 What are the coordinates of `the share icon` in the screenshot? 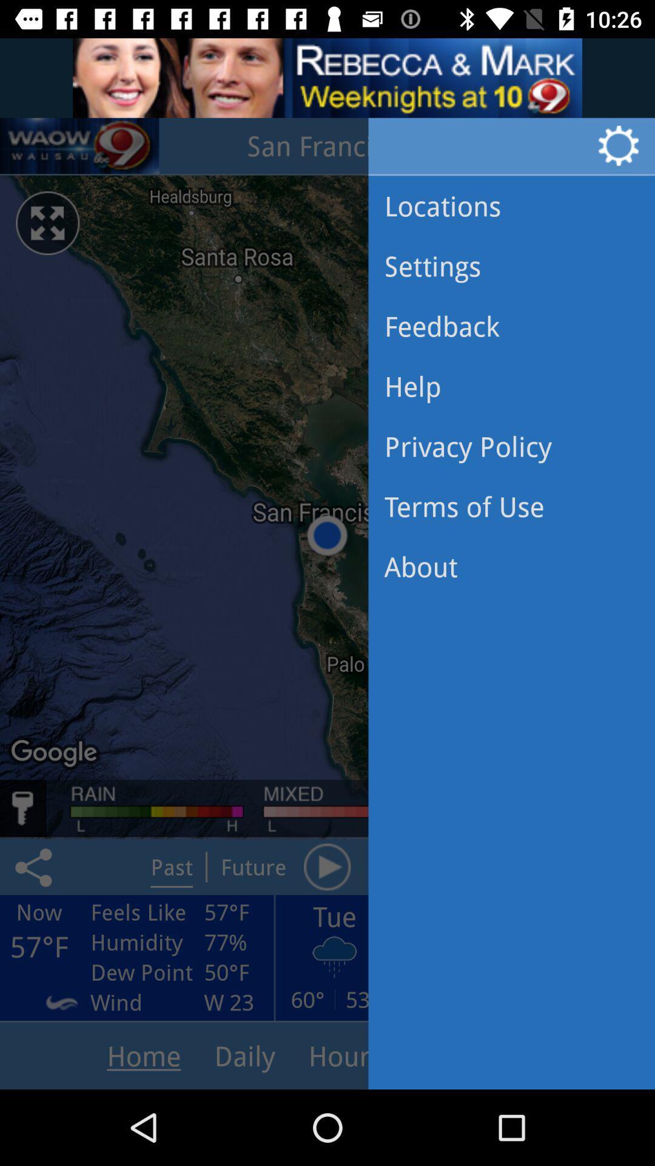 It's located at (35, 866).